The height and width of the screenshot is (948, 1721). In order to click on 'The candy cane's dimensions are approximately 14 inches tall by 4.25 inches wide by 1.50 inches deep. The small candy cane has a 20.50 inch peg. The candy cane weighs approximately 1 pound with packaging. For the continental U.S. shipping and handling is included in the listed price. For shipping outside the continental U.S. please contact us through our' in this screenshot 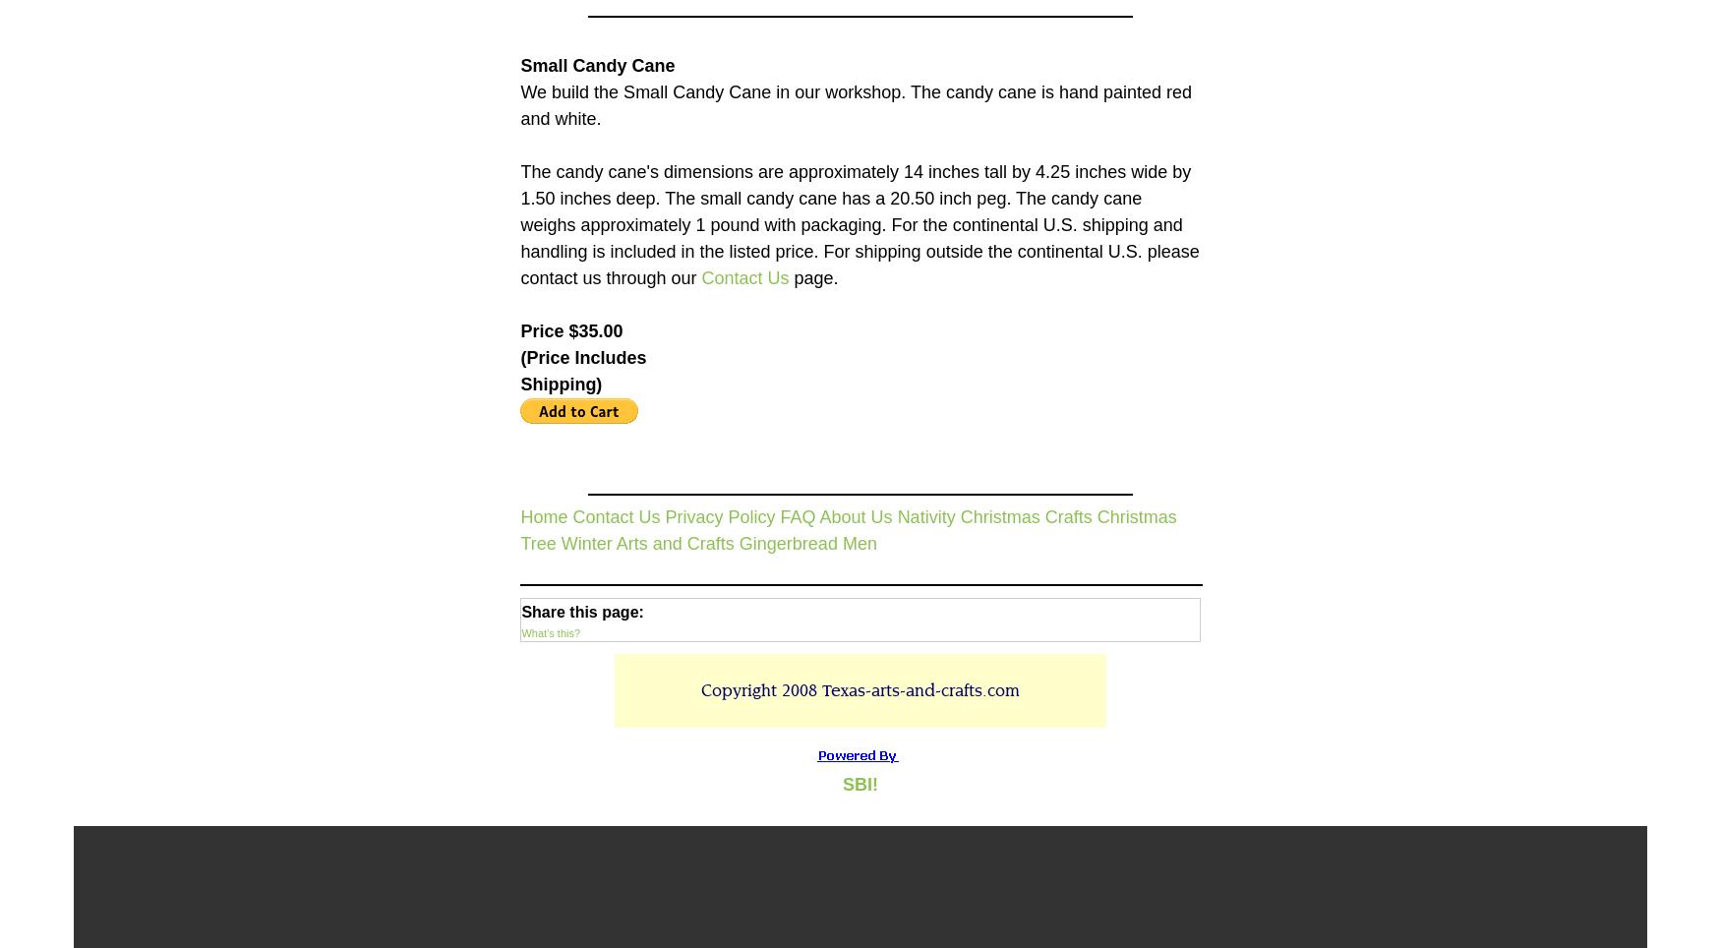, I will do `click(859, 223)`.